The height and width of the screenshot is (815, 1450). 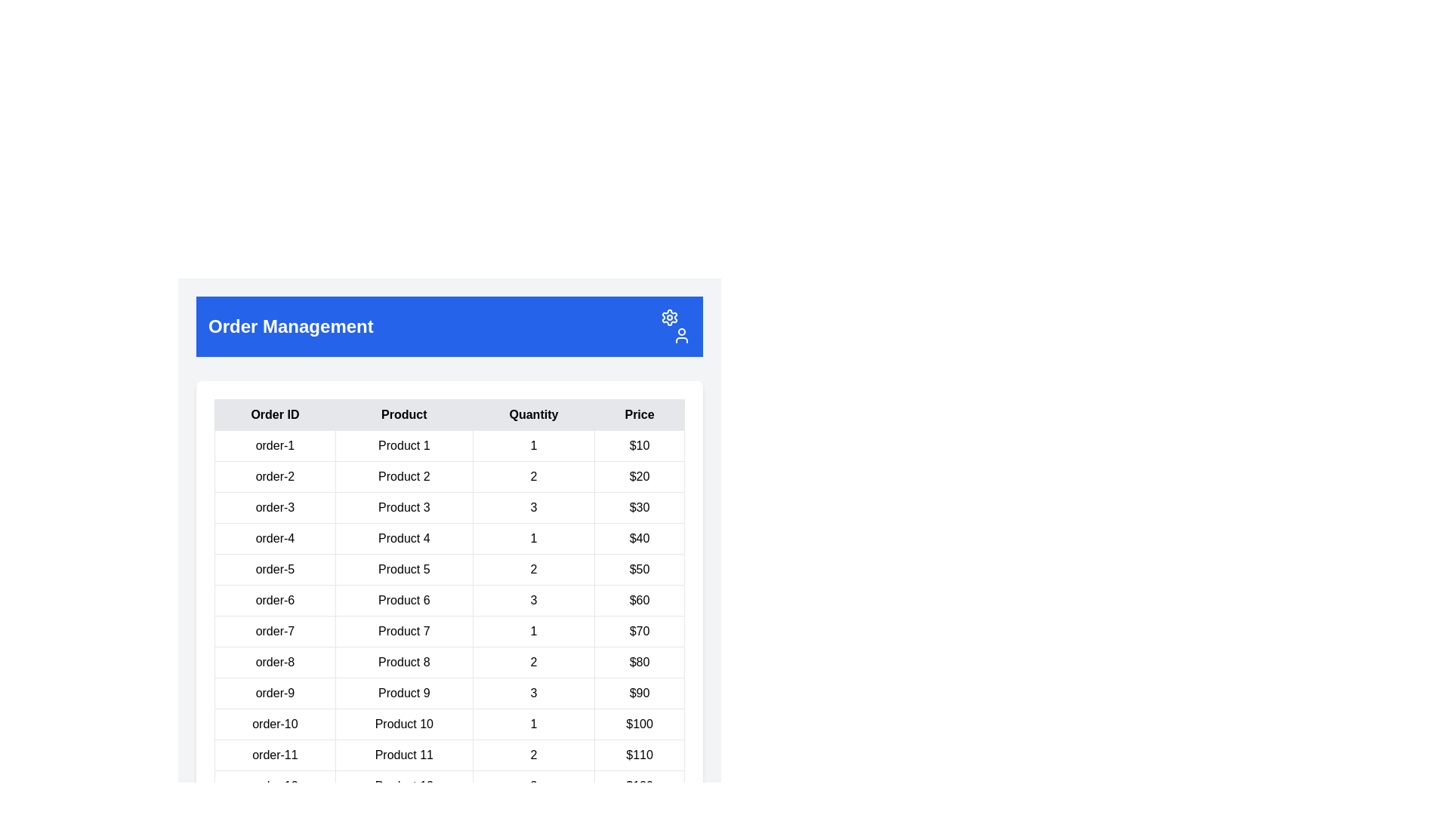 I want to click on the table cell displaying 'order-11' in the bottom row, leftmost cell under the 'Order ID' column, so click(x=275, y=755).